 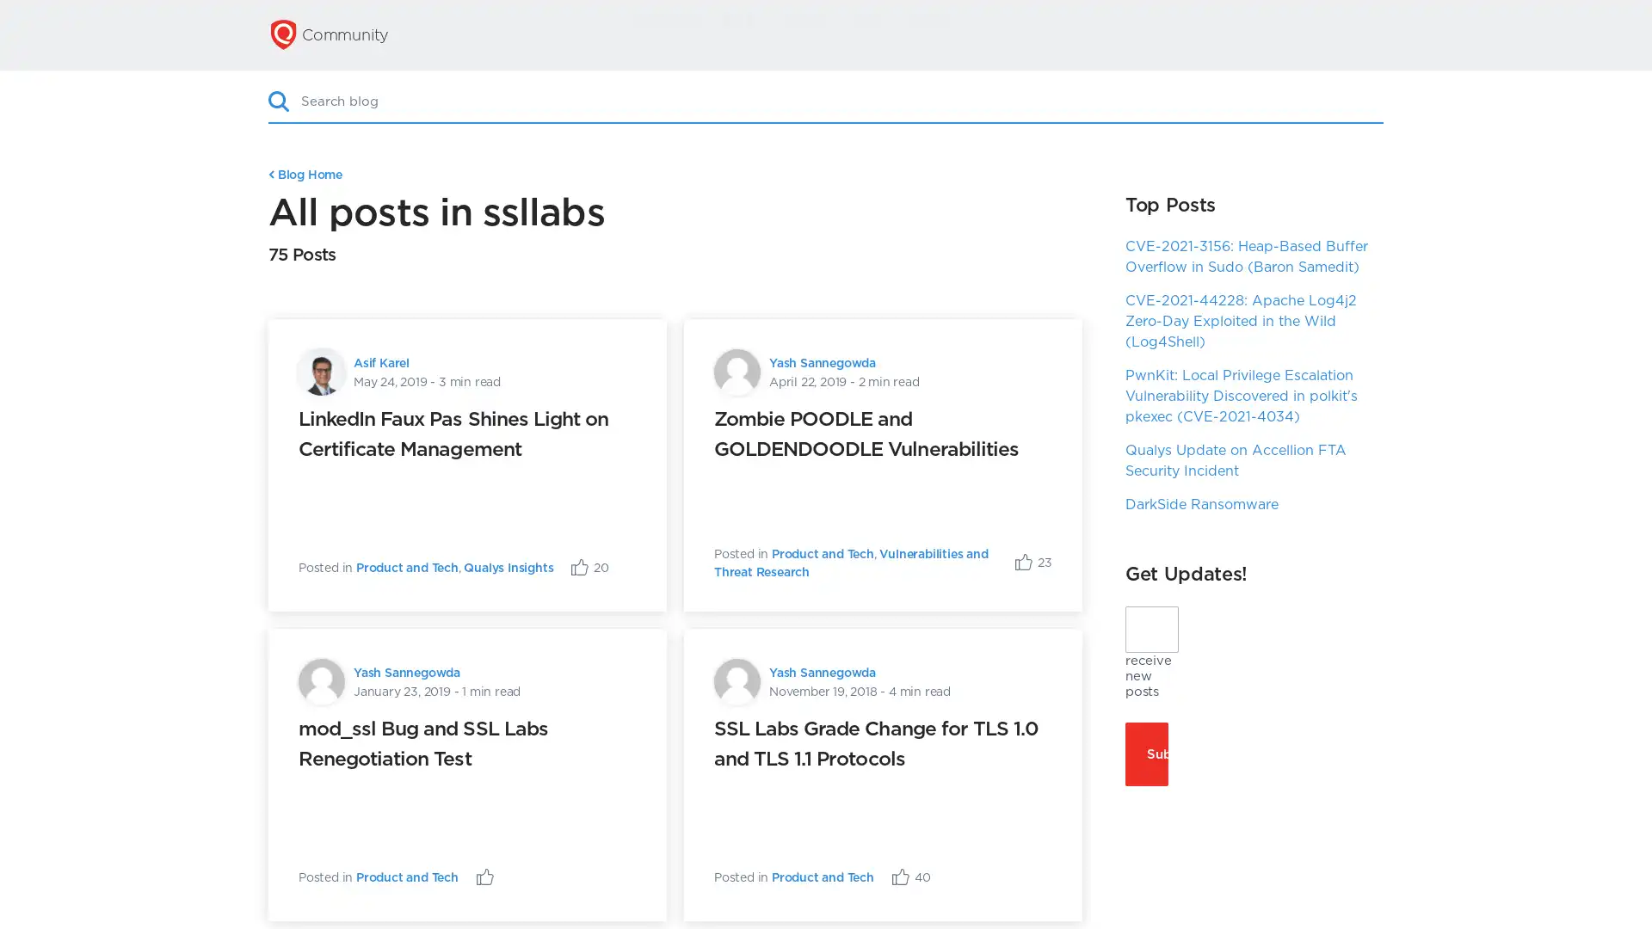 I want to click on Like Post, so click(x=483, y=877).